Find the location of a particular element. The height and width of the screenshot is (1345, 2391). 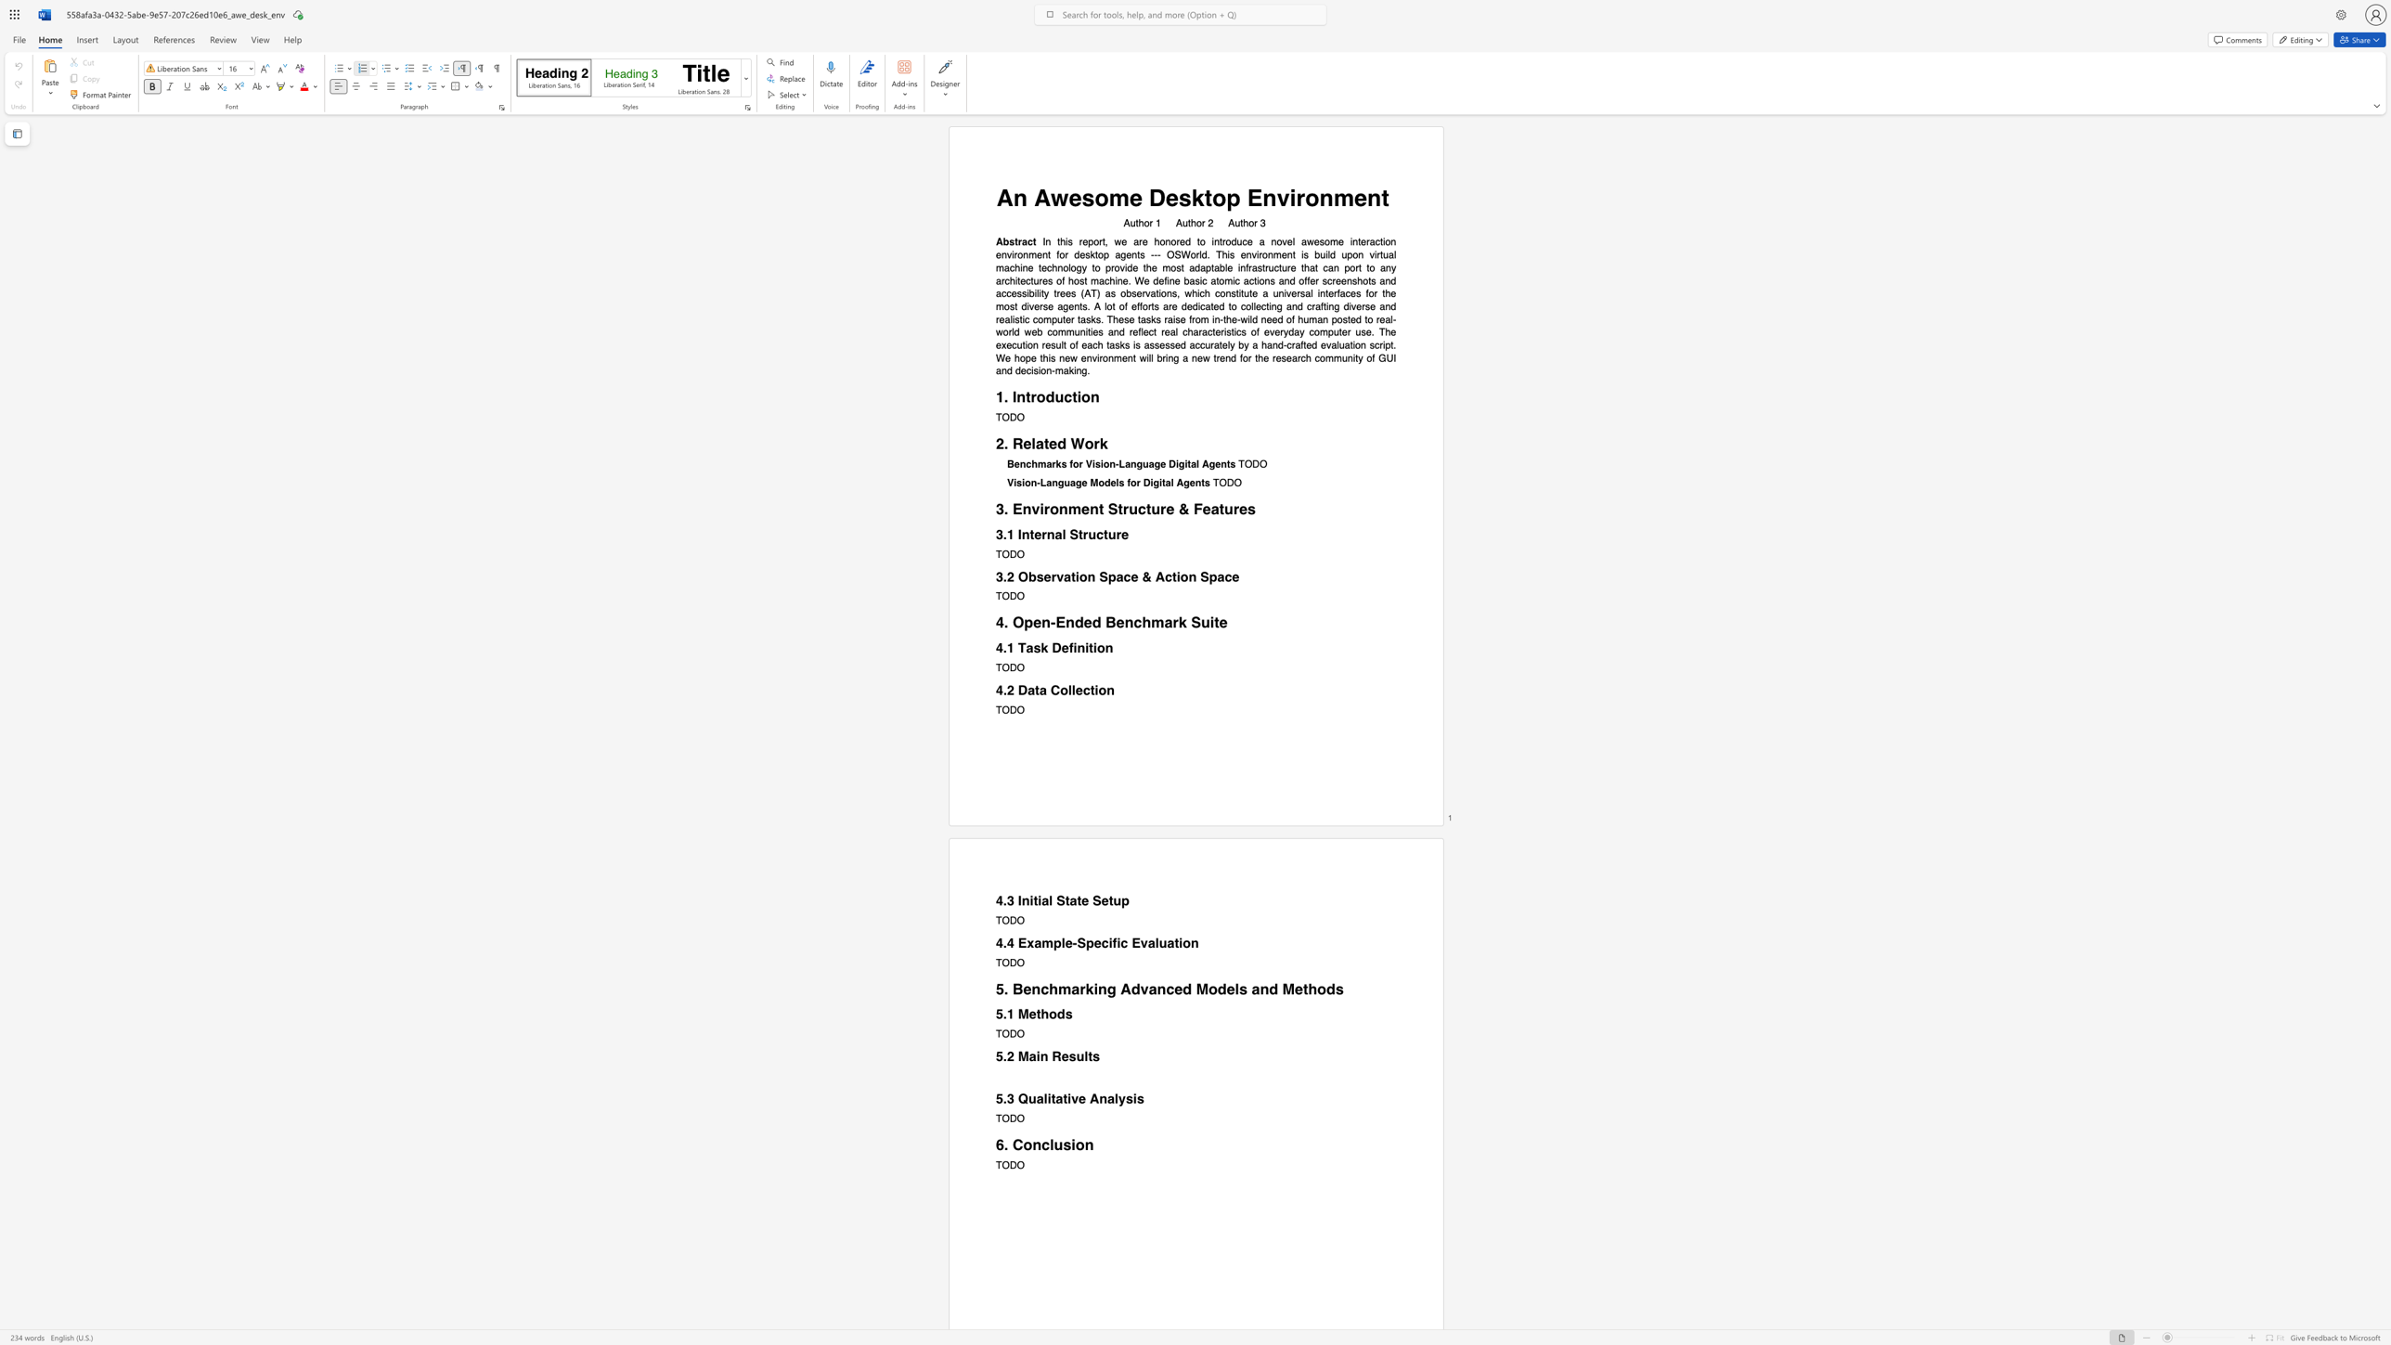

the 1th character "l" in the text is located at coordinates (1236, 989).